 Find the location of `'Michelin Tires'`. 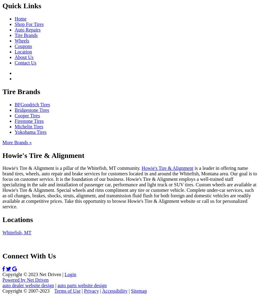

'Michelin Tires' is located at coordinates (28, 126).